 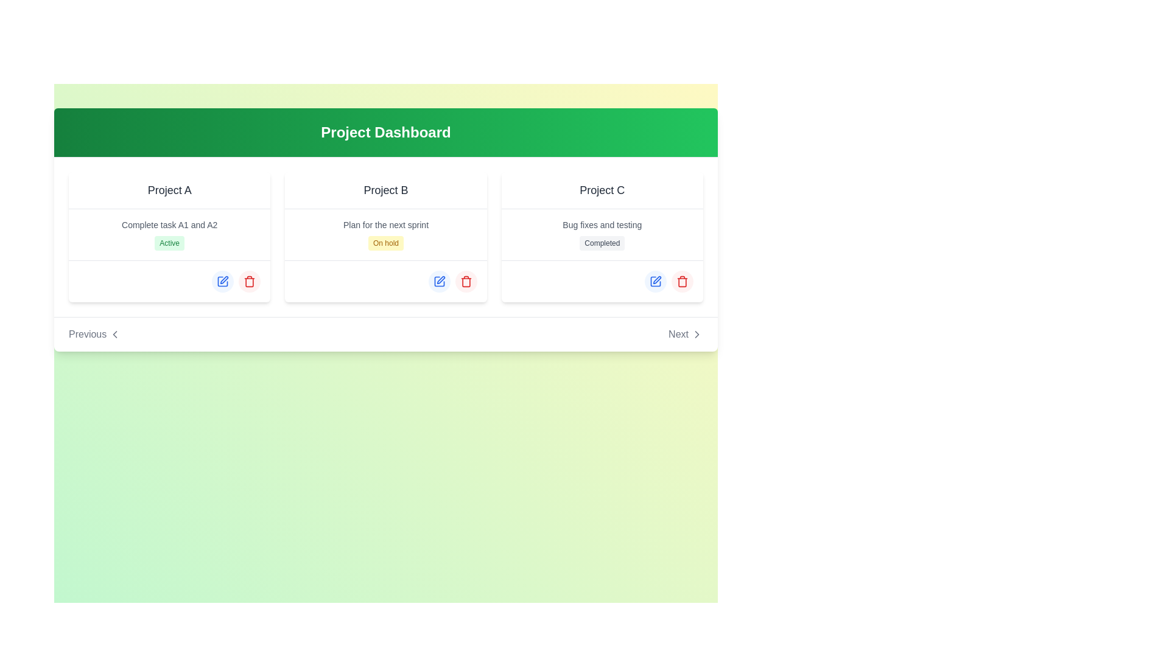 I want to click on the red delete icon button located at the bottom-right of the 'Project A' card in the 'Project Dashboard' interface, so click(x=249, y=281).